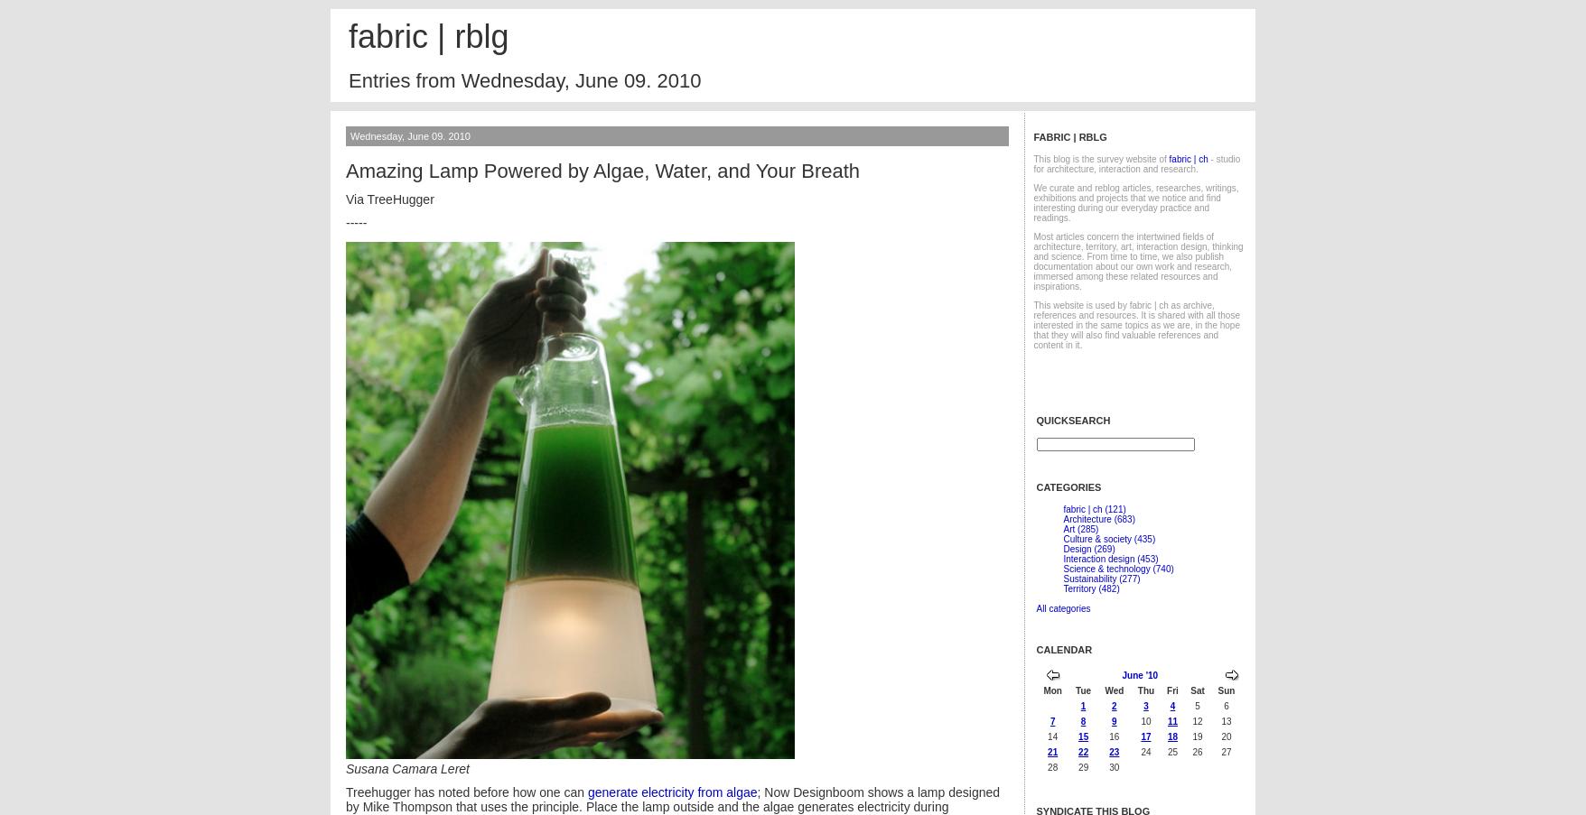 The height and width of the screenshot is (815, 1586). Describe the element at coordinates (1083, 690) in the screenshot. I see `'Tue'` at that location.